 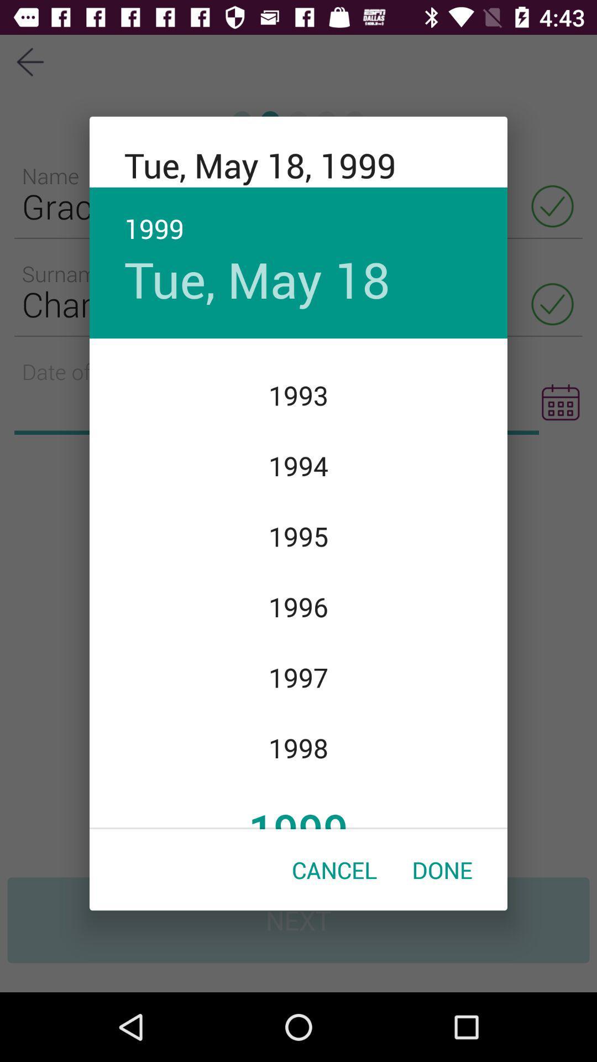 What do you see at coordinates (442, 869) in the screenshot?
I see `item at the bottom right corner` at bounding box center [442, 869].